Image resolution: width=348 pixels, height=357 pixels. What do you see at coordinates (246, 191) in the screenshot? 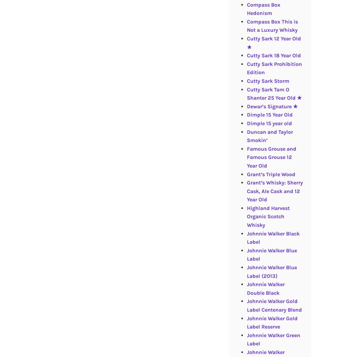
I see `'Grant’s Whisky: Sherry Cask, Ale Cask and 12 Year Old'` at bounding box center [246, 191].